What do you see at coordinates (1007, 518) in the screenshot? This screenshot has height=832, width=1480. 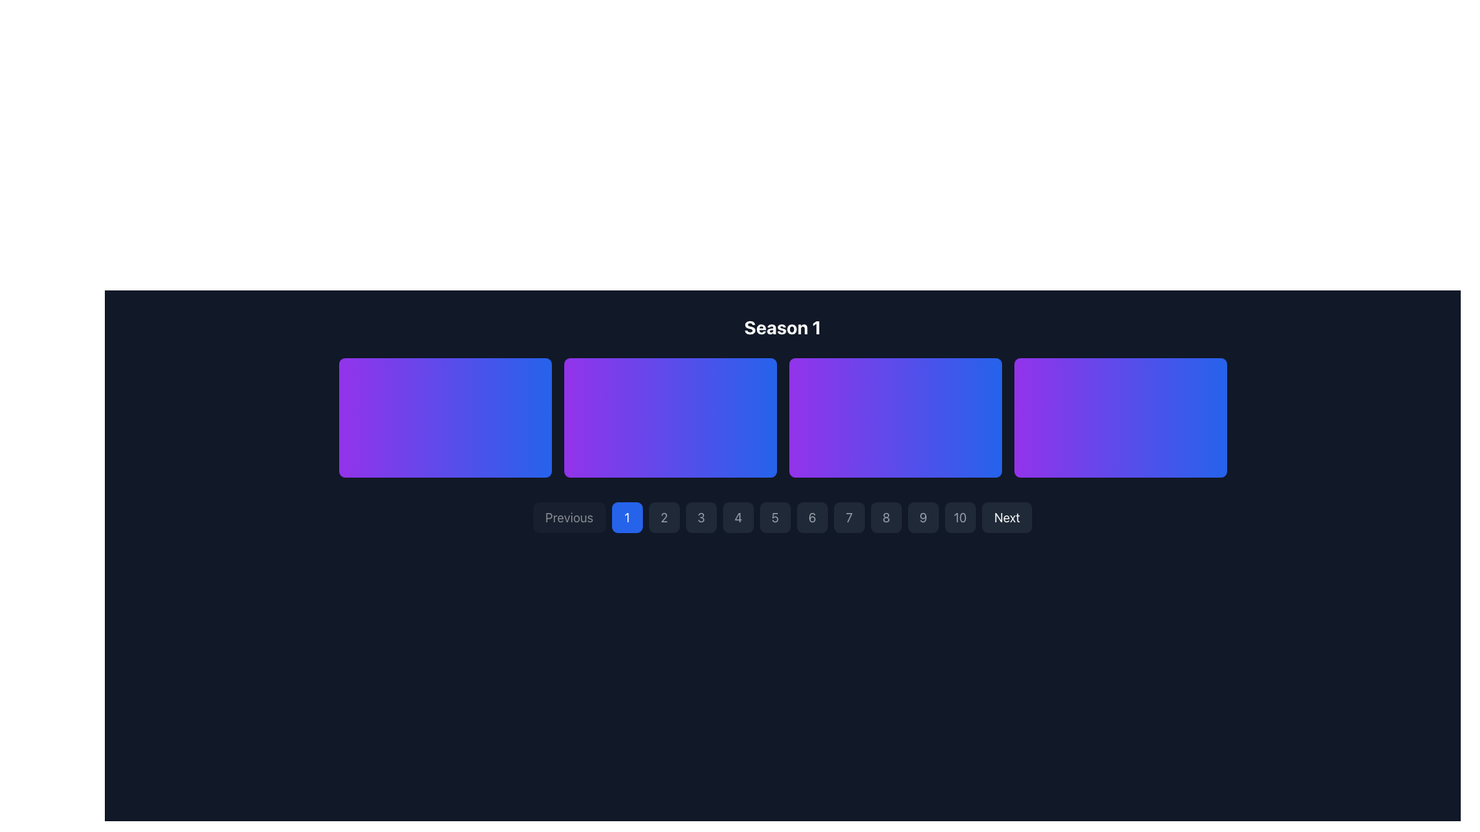 I see `the 'Next' button located in the horizontal navigation bar, which has a dark gray background and white text` at bounding box center [1007, 518].